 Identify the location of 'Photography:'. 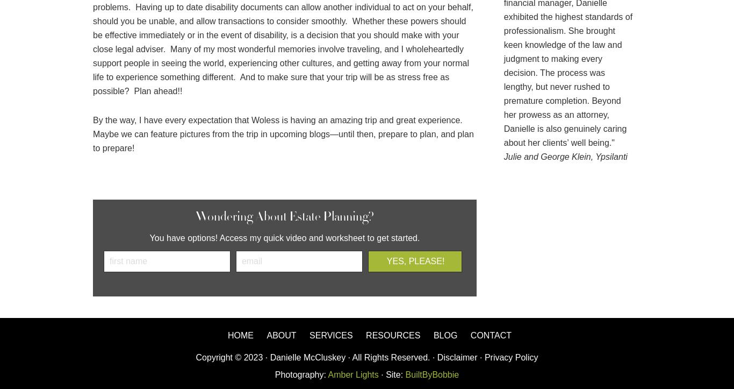
(301, 374).